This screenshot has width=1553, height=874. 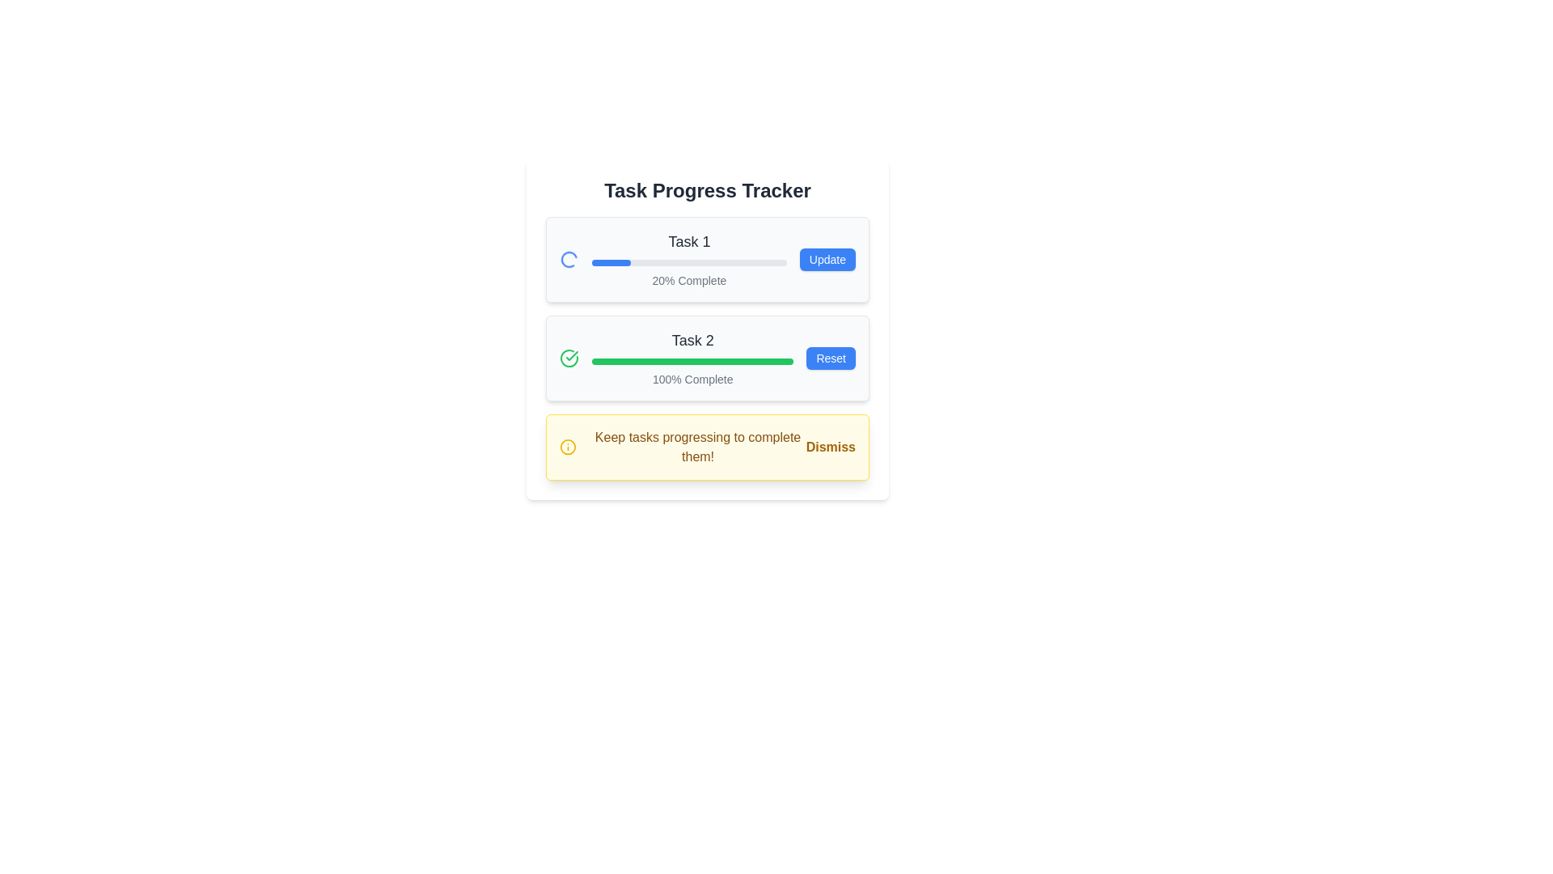 I want to click on the animation of the Spinner icon, which is a circular, thin-outlined shape indicating activity, located near the left edge of Task 1's row in the Task Progress Tracker, so click(x=569, y=258).